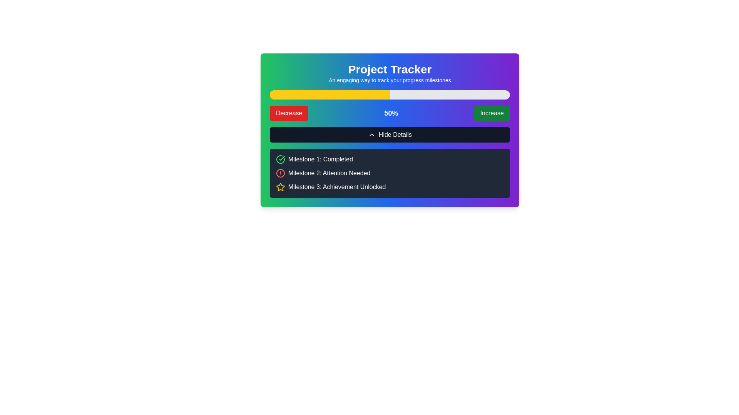 The image size is (739, 415). What do you see at coordinates (391, 113) in the screenshot?
I see `the static text label displaying '50%' on a vibrant blue background, which is centrally aligned between the 'Decrease' and 'Increase' buttons` at bounding box center [391, 113].